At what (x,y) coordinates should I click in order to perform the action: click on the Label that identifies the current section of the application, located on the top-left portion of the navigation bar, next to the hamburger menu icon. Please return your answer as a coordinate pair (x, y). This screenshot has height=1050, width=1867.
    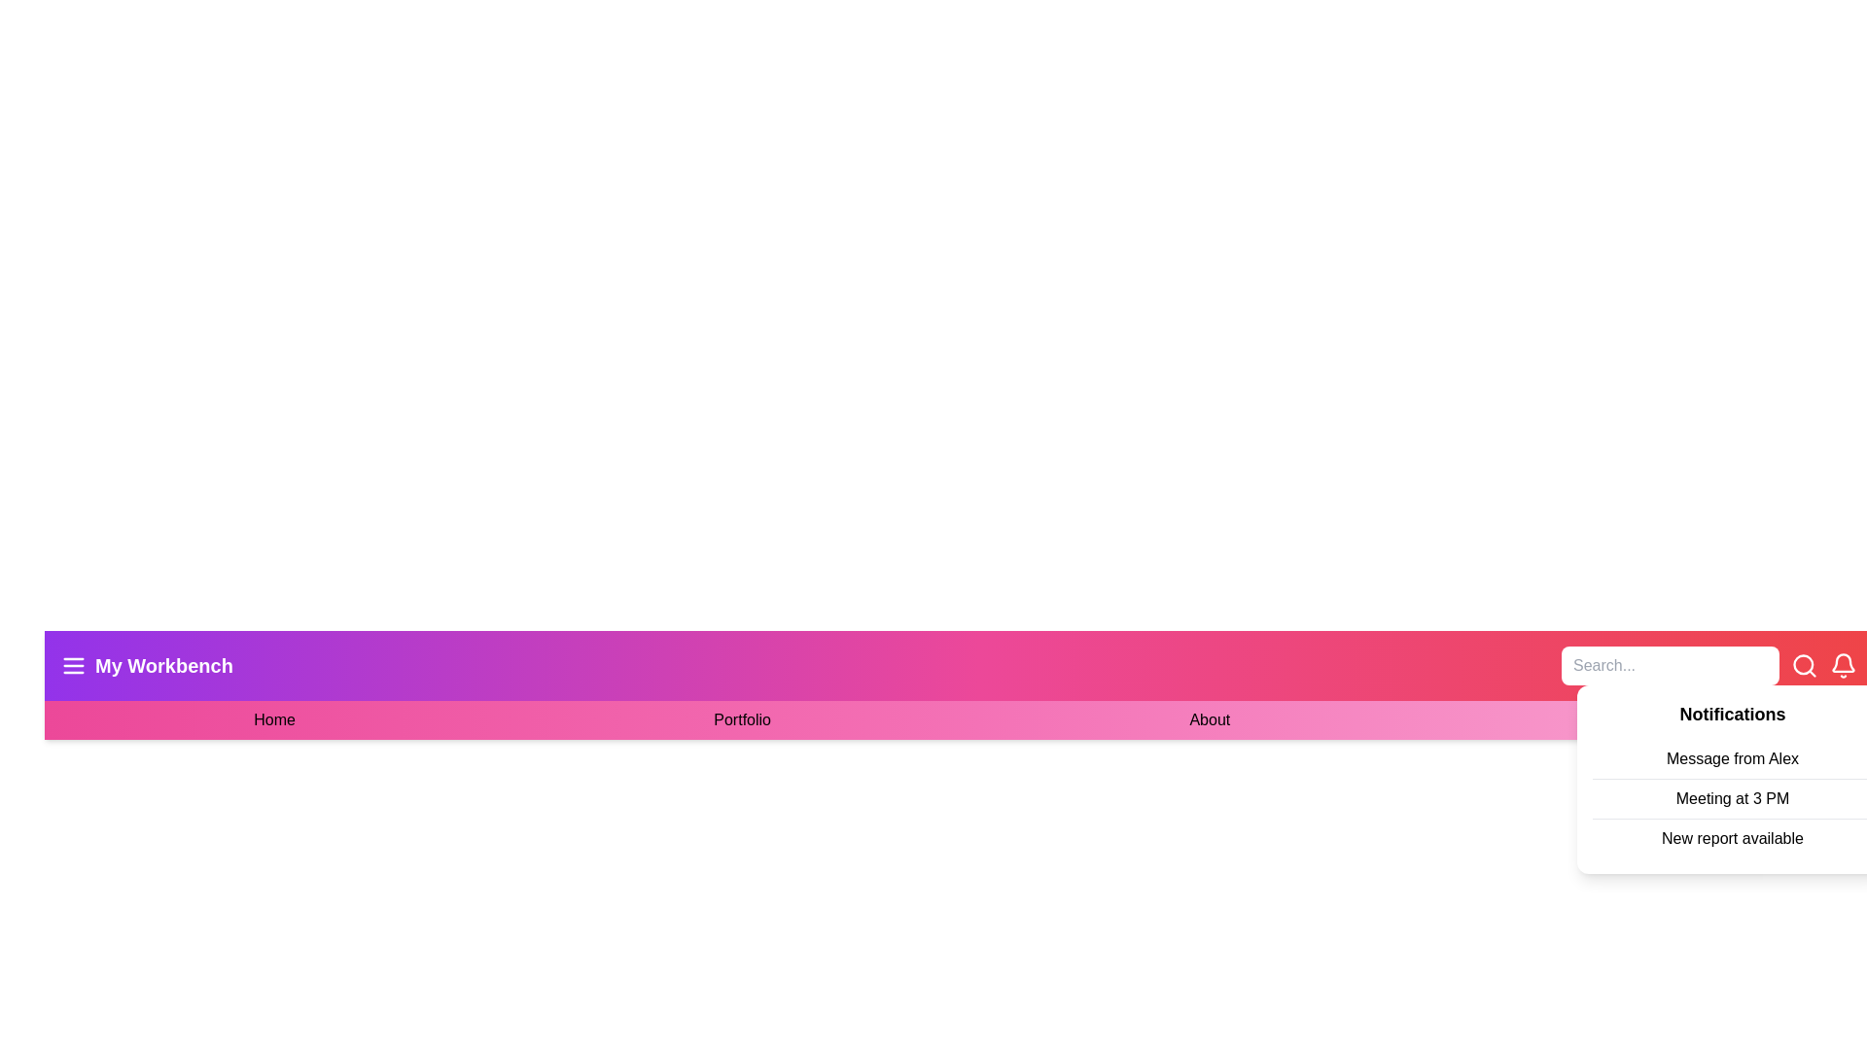
    Looking at the image, I should click on (163, 665).